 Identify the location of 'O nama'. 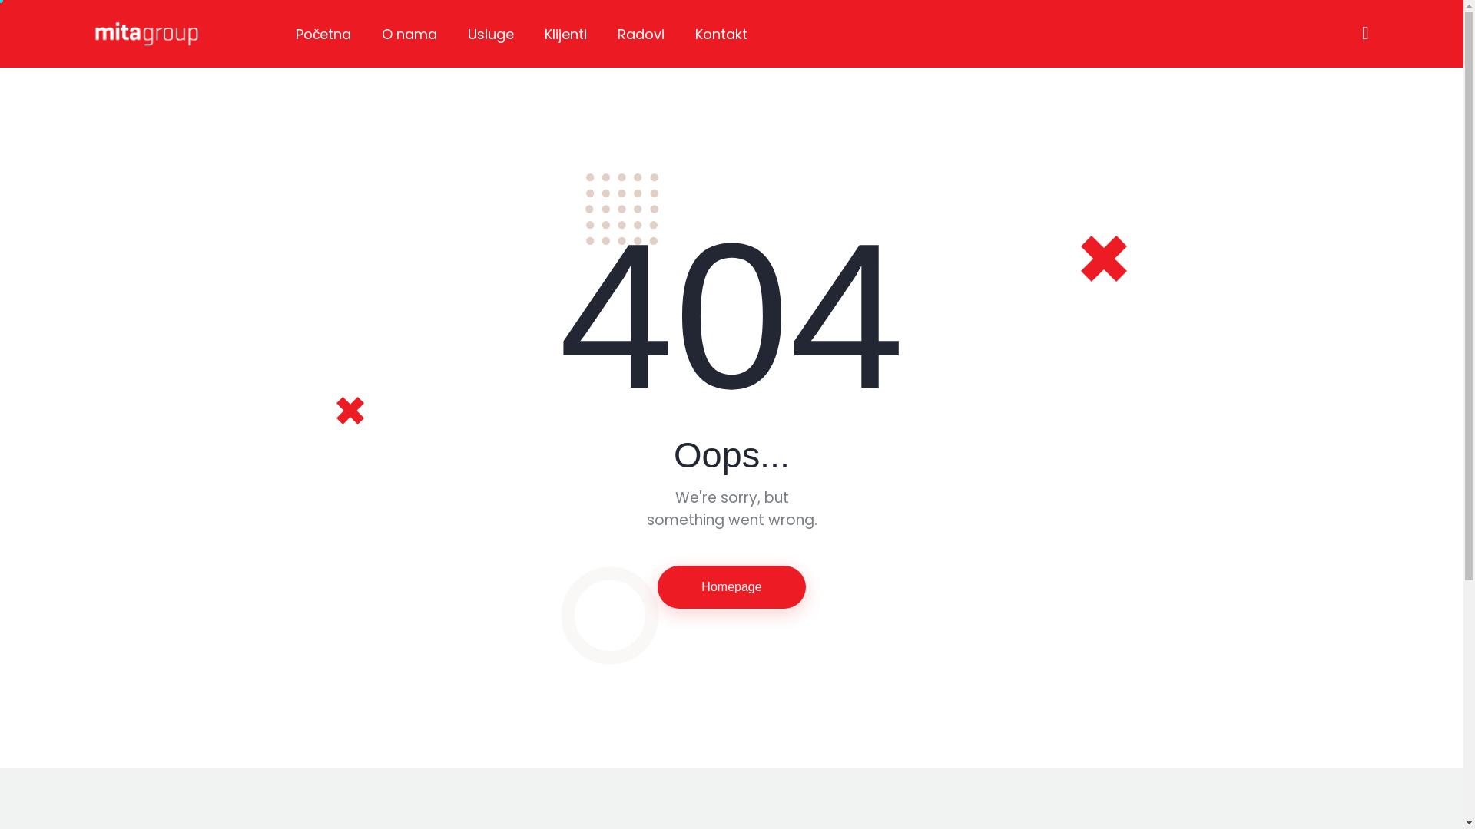
(409, 35).